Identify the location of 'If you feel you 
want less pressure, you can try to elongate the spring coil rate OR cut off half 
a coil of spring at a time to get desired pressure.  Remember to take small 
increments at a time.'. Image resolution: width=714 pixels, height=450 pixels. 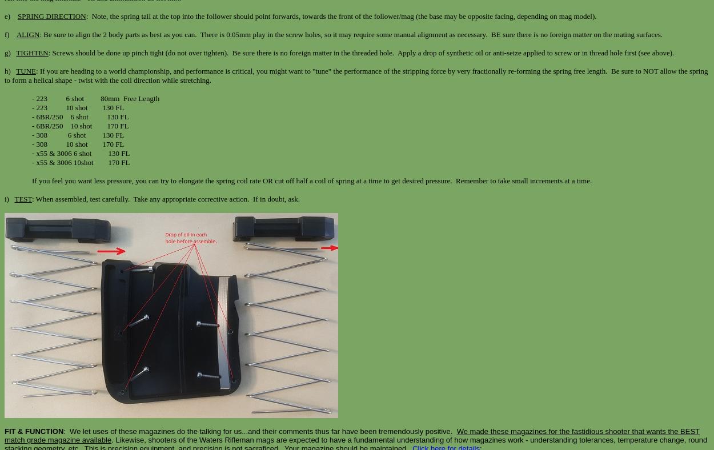
(312, 180).